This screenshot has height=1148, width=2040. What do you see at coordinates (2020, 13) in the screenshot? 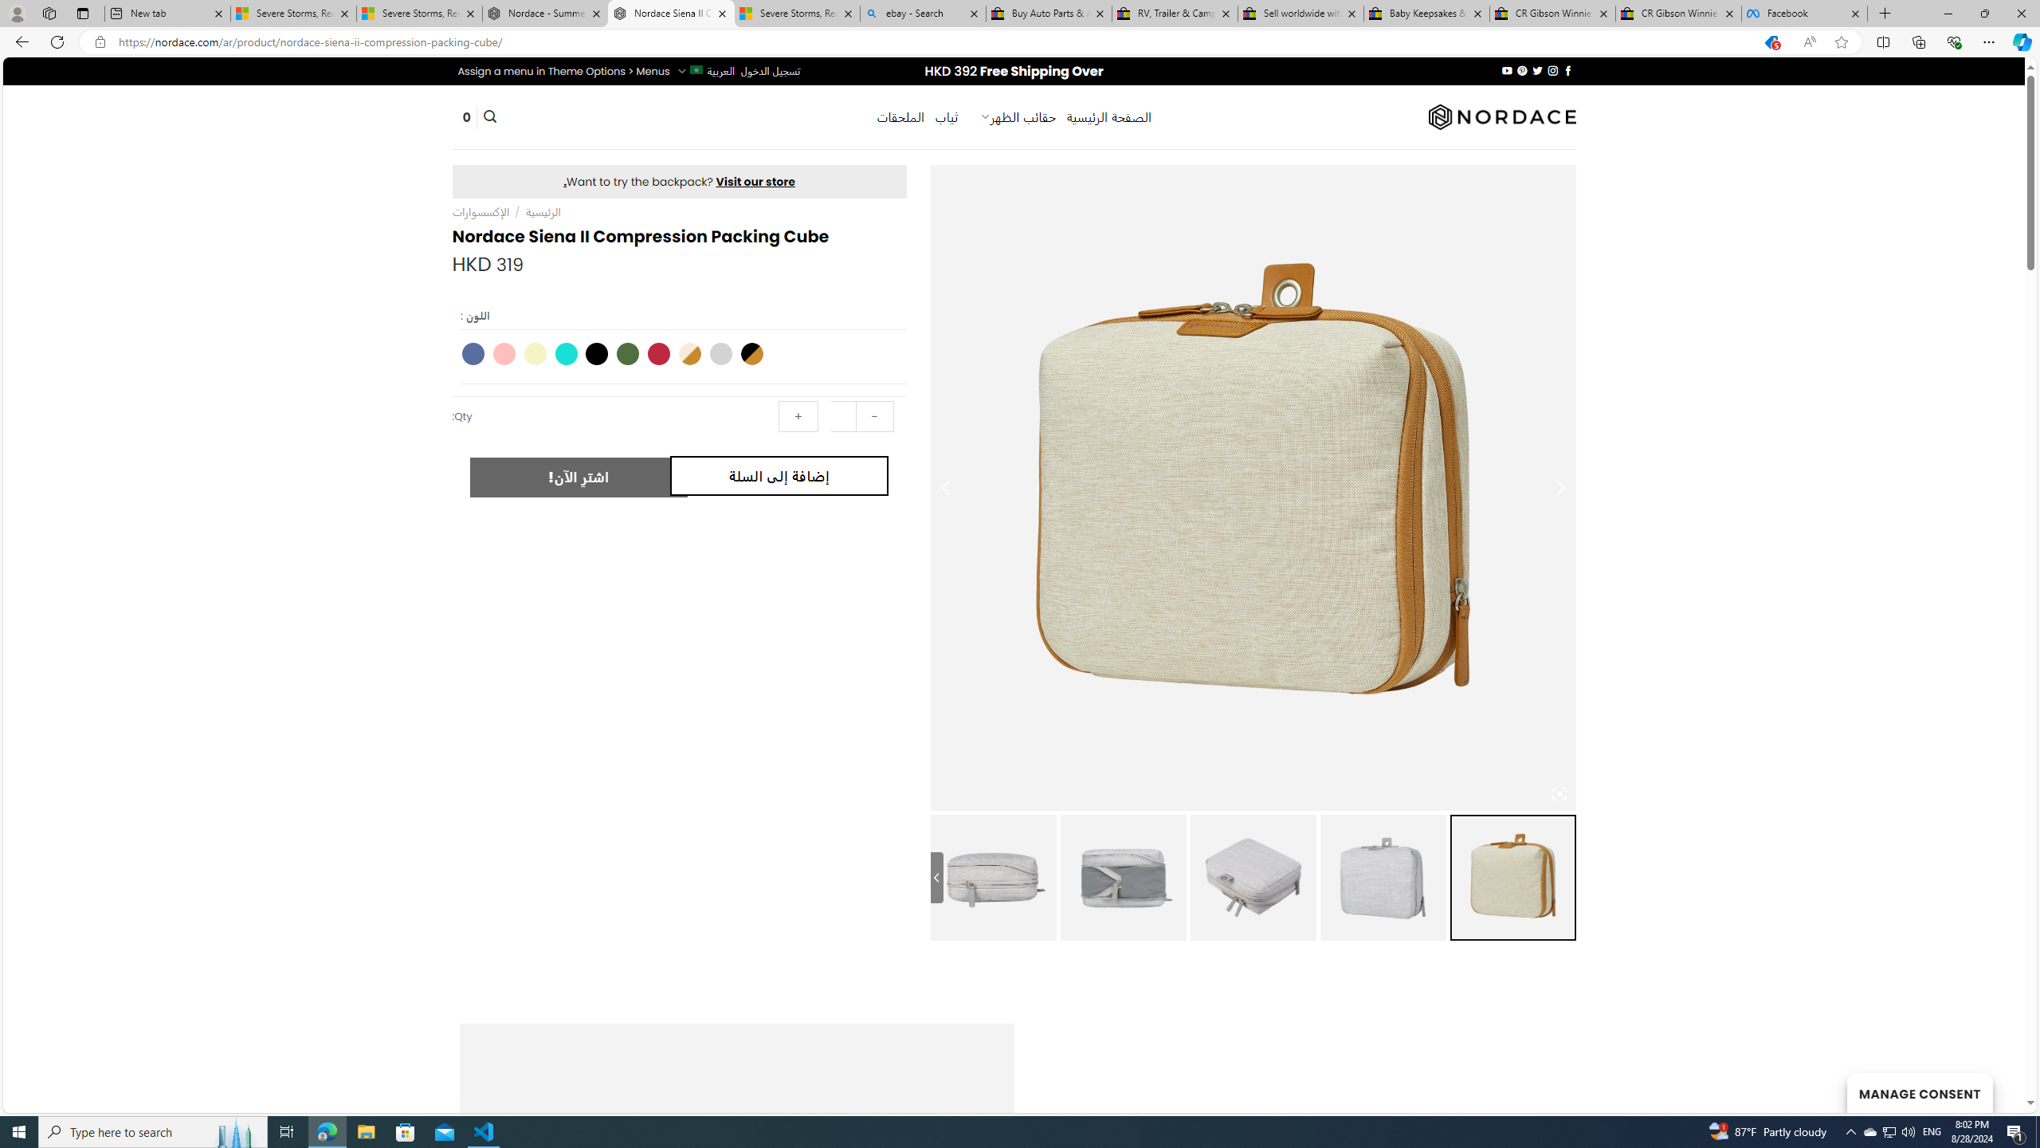
I see `'Close'` at bounding box center [2020, 13].